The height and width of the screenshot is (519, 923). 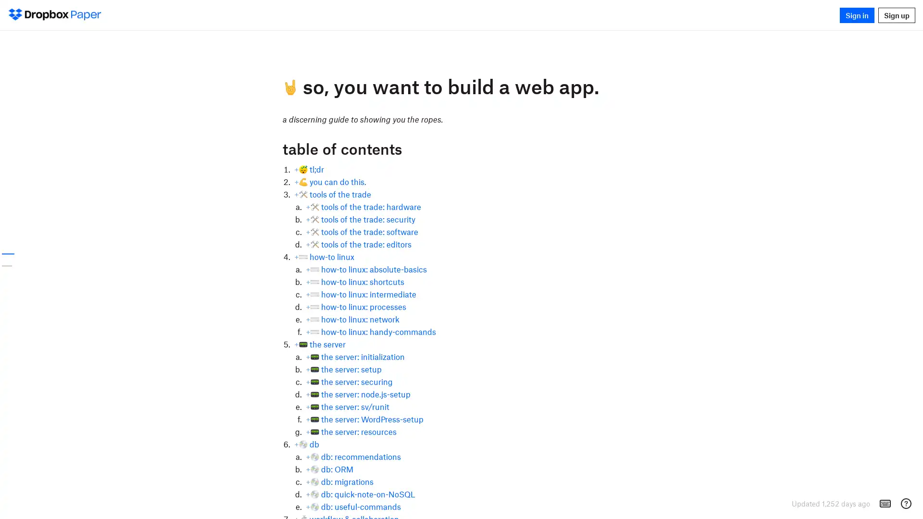 What do you see at coordinates (885, 503) in the screenshot?
I see `Keyboard shortcuts` at bounding box center [885, 503].